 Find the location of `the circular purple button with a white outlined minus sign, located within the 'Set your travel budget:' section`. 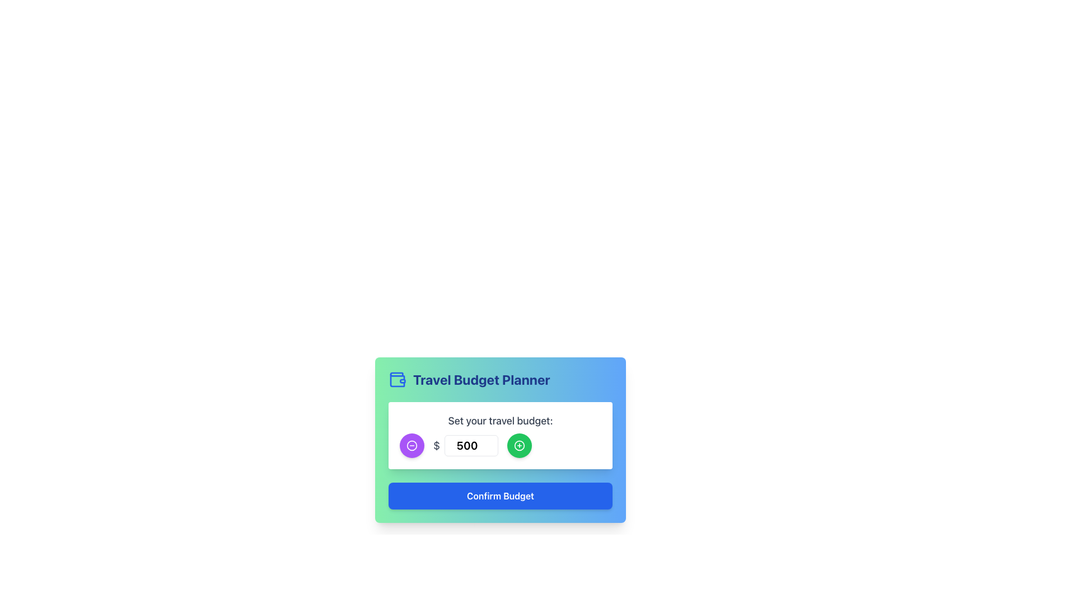

the circular purple button with a white outlined minus sign, located within the 'Set your travel budget:' section is located at coordinates (411, 445).